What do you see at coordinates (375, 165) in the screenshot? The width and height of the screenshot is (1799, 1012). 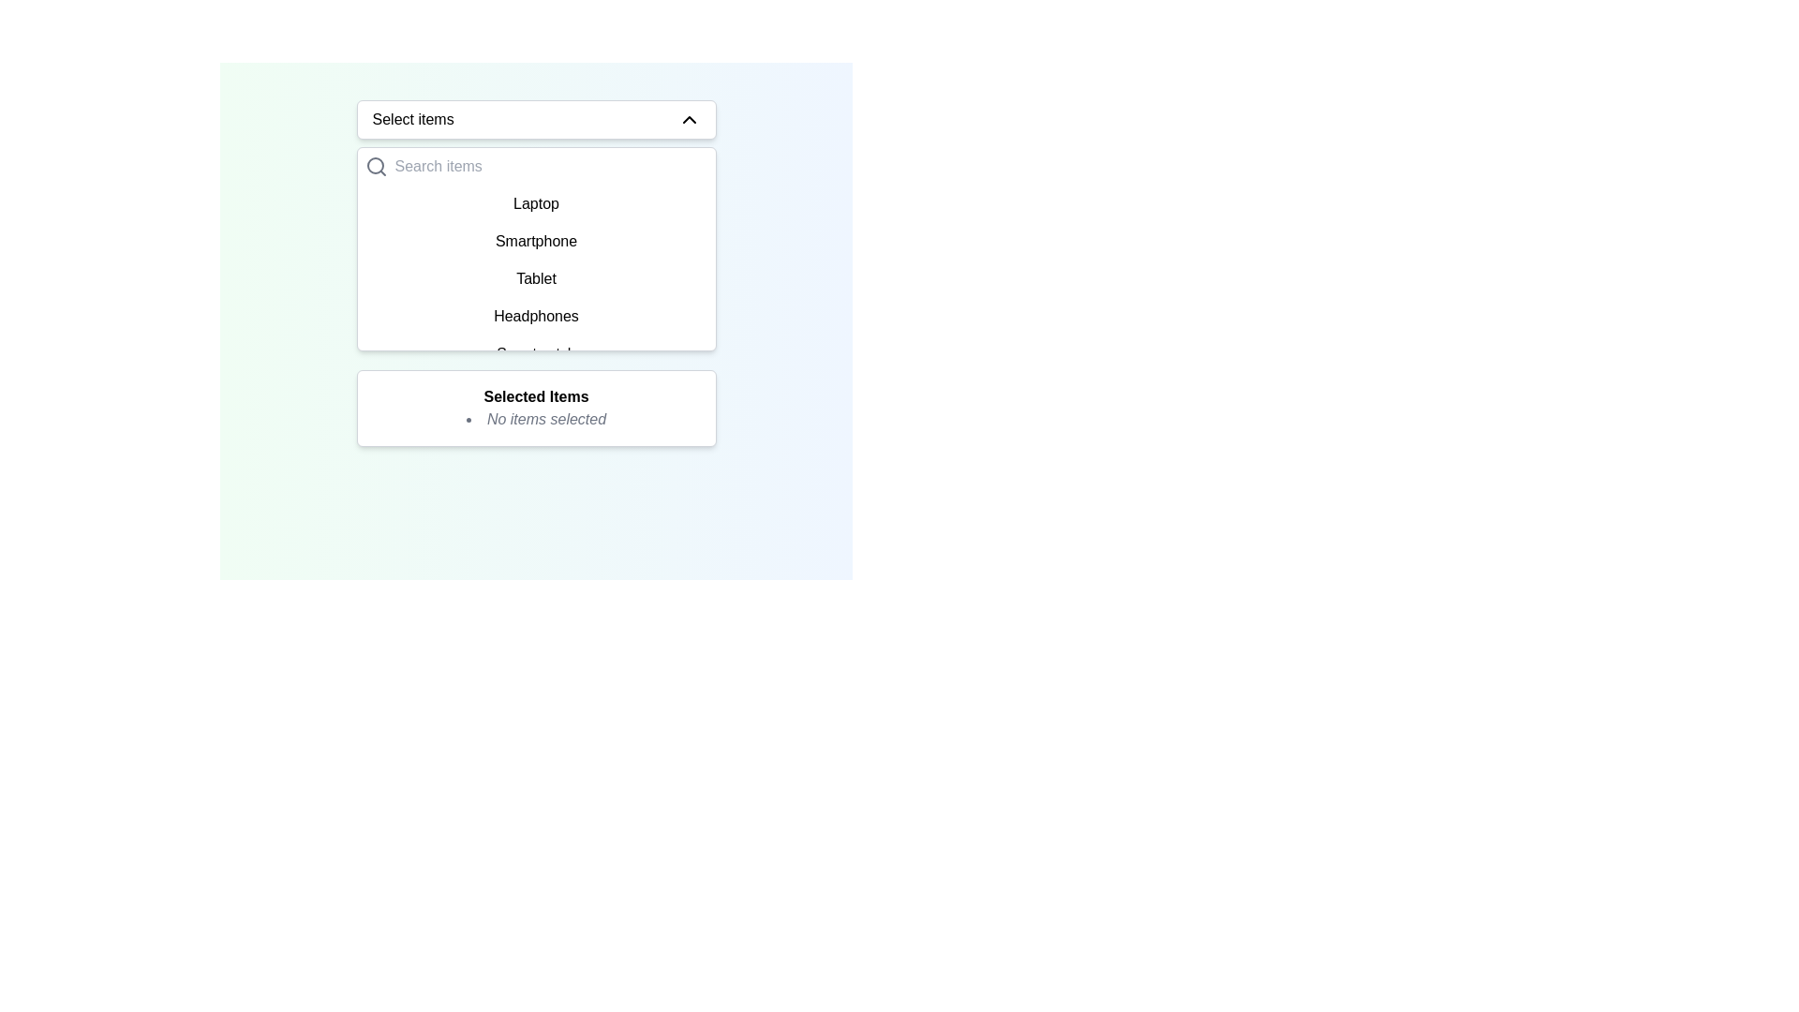 I see `the small circular magnifying glass icon used for search, located to the left of the input field in the dropdown interface` at bounding box center [375, 165].